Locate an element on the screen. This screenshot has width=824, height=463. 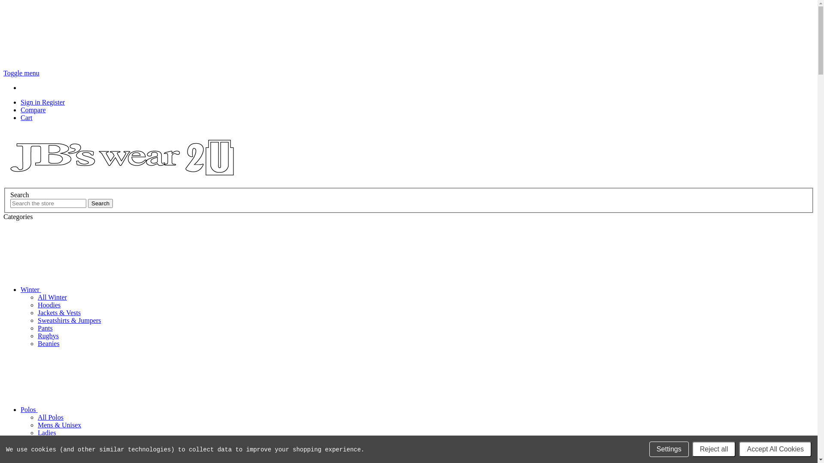
'Compare' is located at coordinates (33, 109).